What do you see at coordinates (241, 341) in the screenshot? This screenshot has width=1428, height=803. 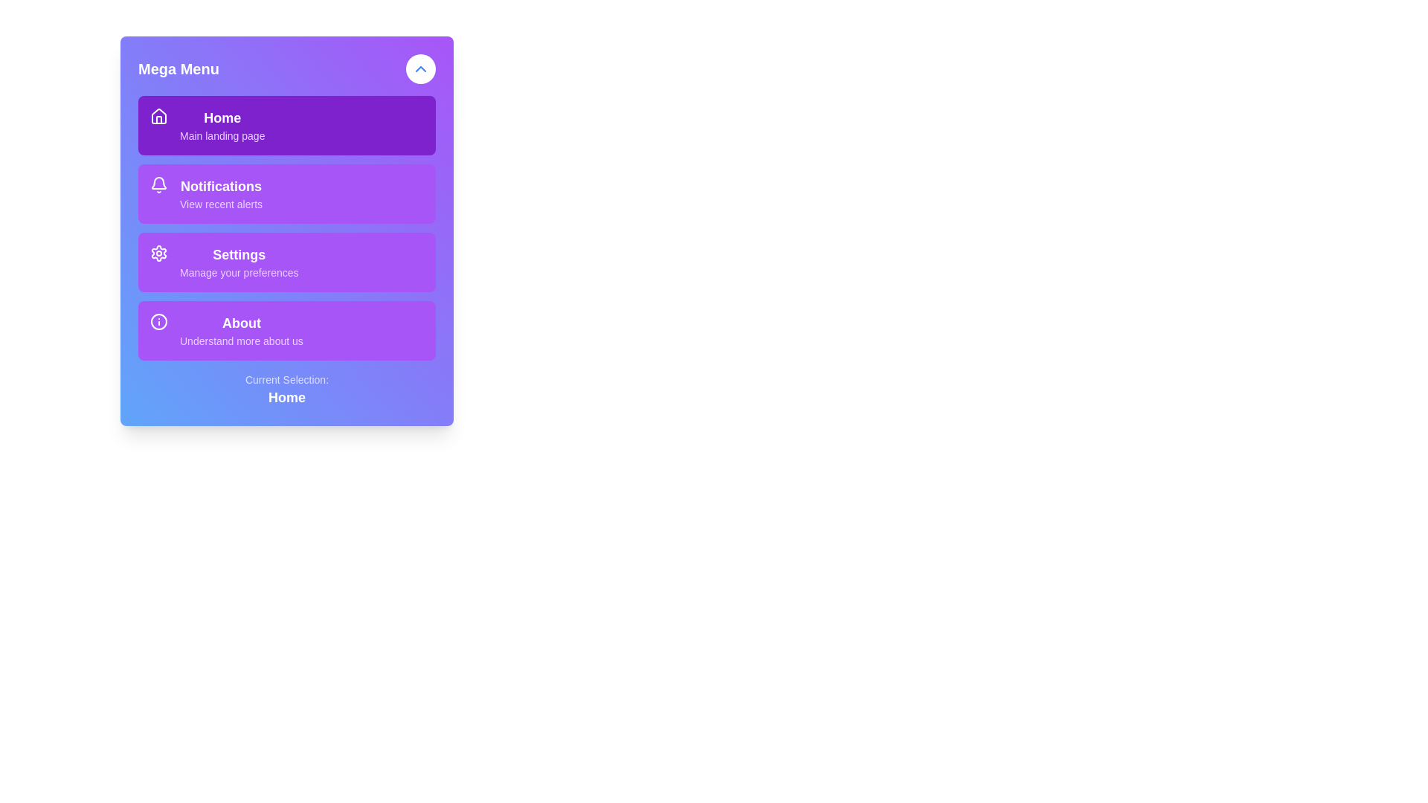 I see `the text element labeled 'Understand more about us', which is styled in a smaller purple font and positioned below the 'About' text within the 'About' menu tile of the Mega Menu` at bounding box center [241, 341].